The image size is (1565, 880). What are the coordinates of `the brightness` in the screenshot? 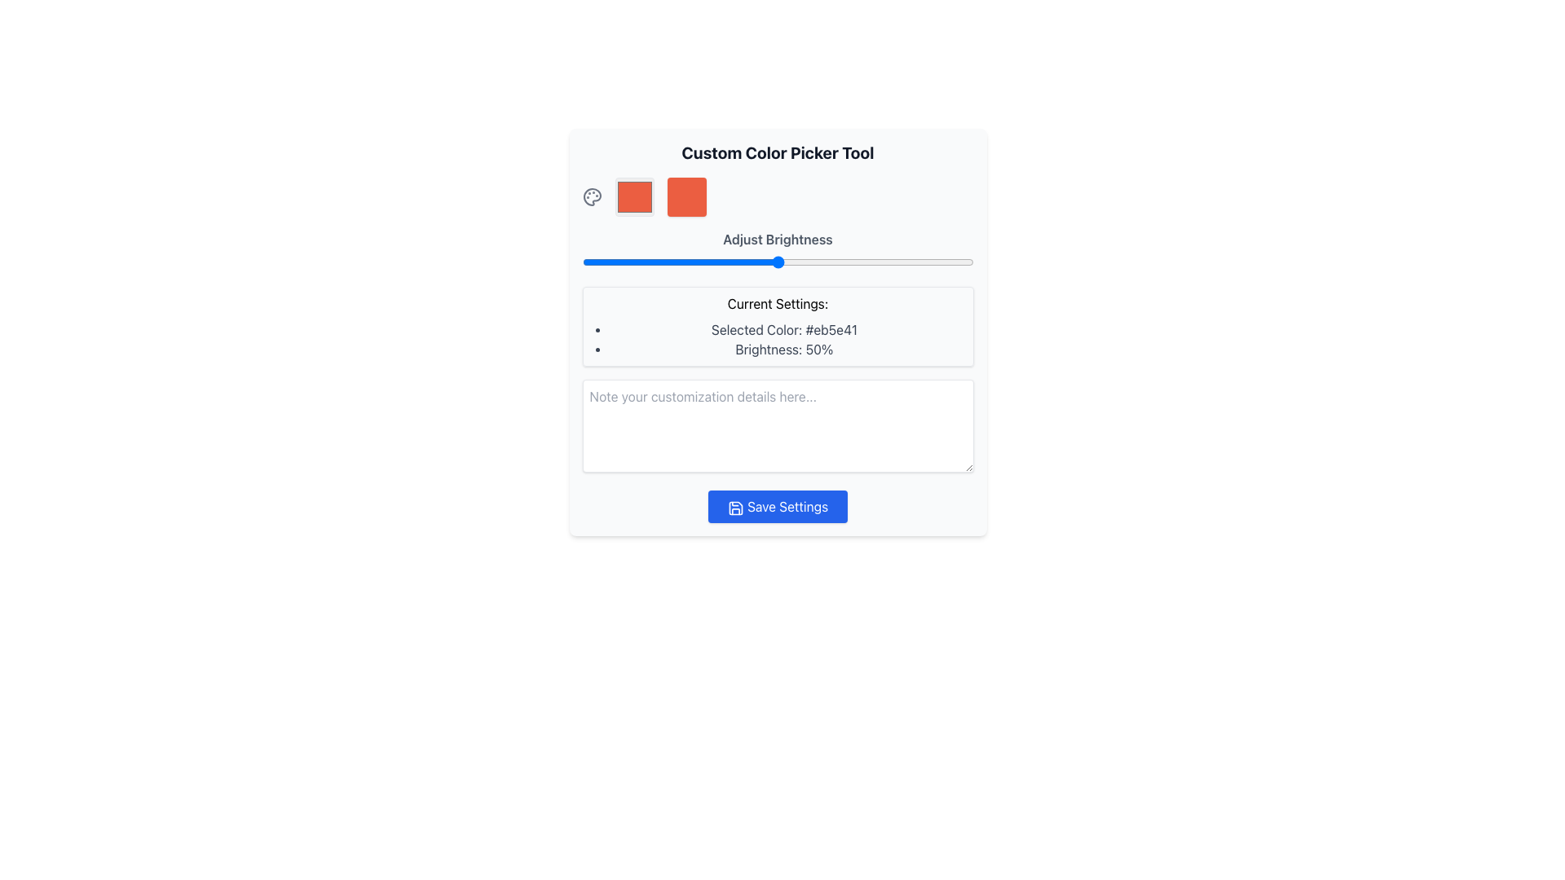 It's located at (777, 261).